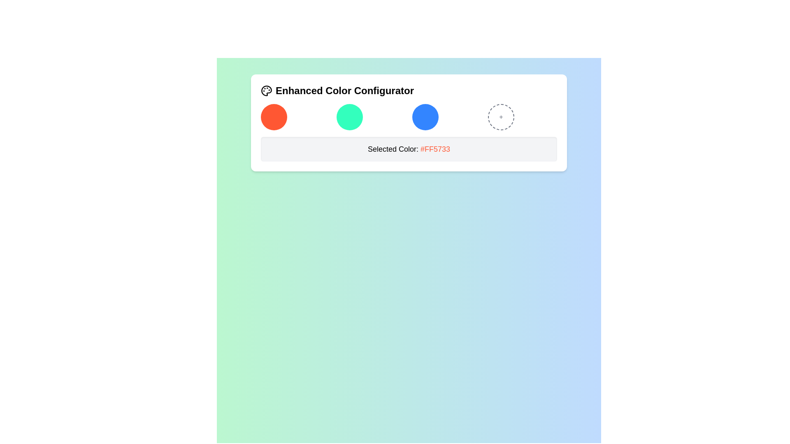 The width and height of the screenshot is (790, 444). What do you see at coordinates (501, 117) in the screenshot?
I see `the '+' button located on the far right of a horizontal row of four buttons to initiate an action` at bounding box center [501, 117].